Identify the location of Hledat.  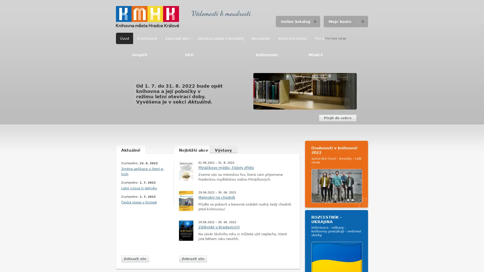
(363, 38).